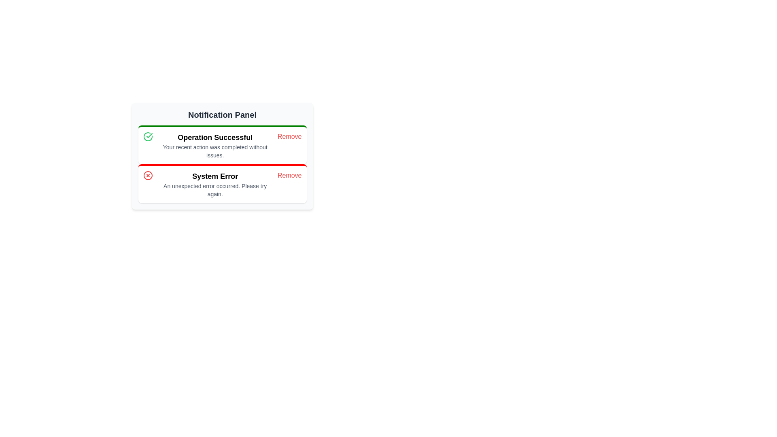 This screenshot has width=777, height=437. What do you see at coordinates (215, 145) in the screenshot?
I see `the Text Display element that notifies the user about the successful completion of a recent action, located in the top half of the notification panel UI` at bounding box center [215, 145].